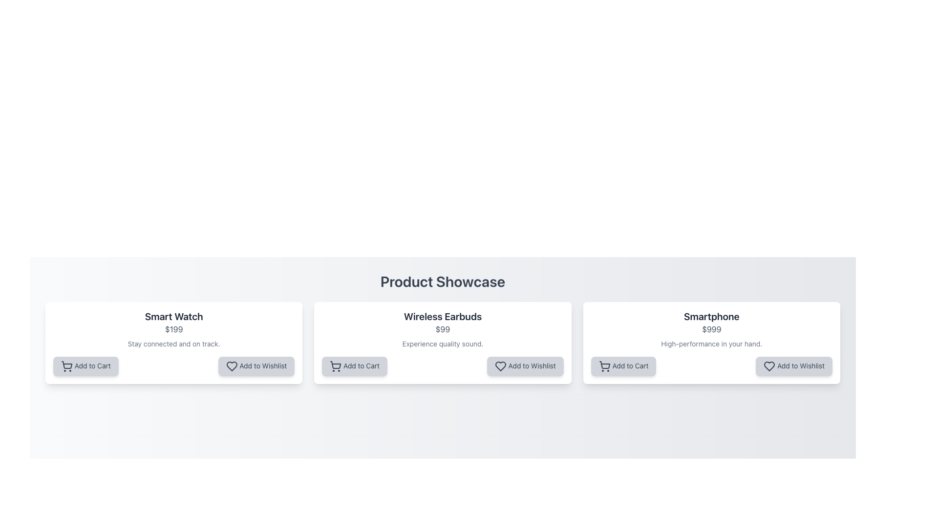 The width and height of the screenshot is (938, 527). I want to click on the 'Add to Wishlist' button located at the bottom-right of the product card, so click(794, 366).